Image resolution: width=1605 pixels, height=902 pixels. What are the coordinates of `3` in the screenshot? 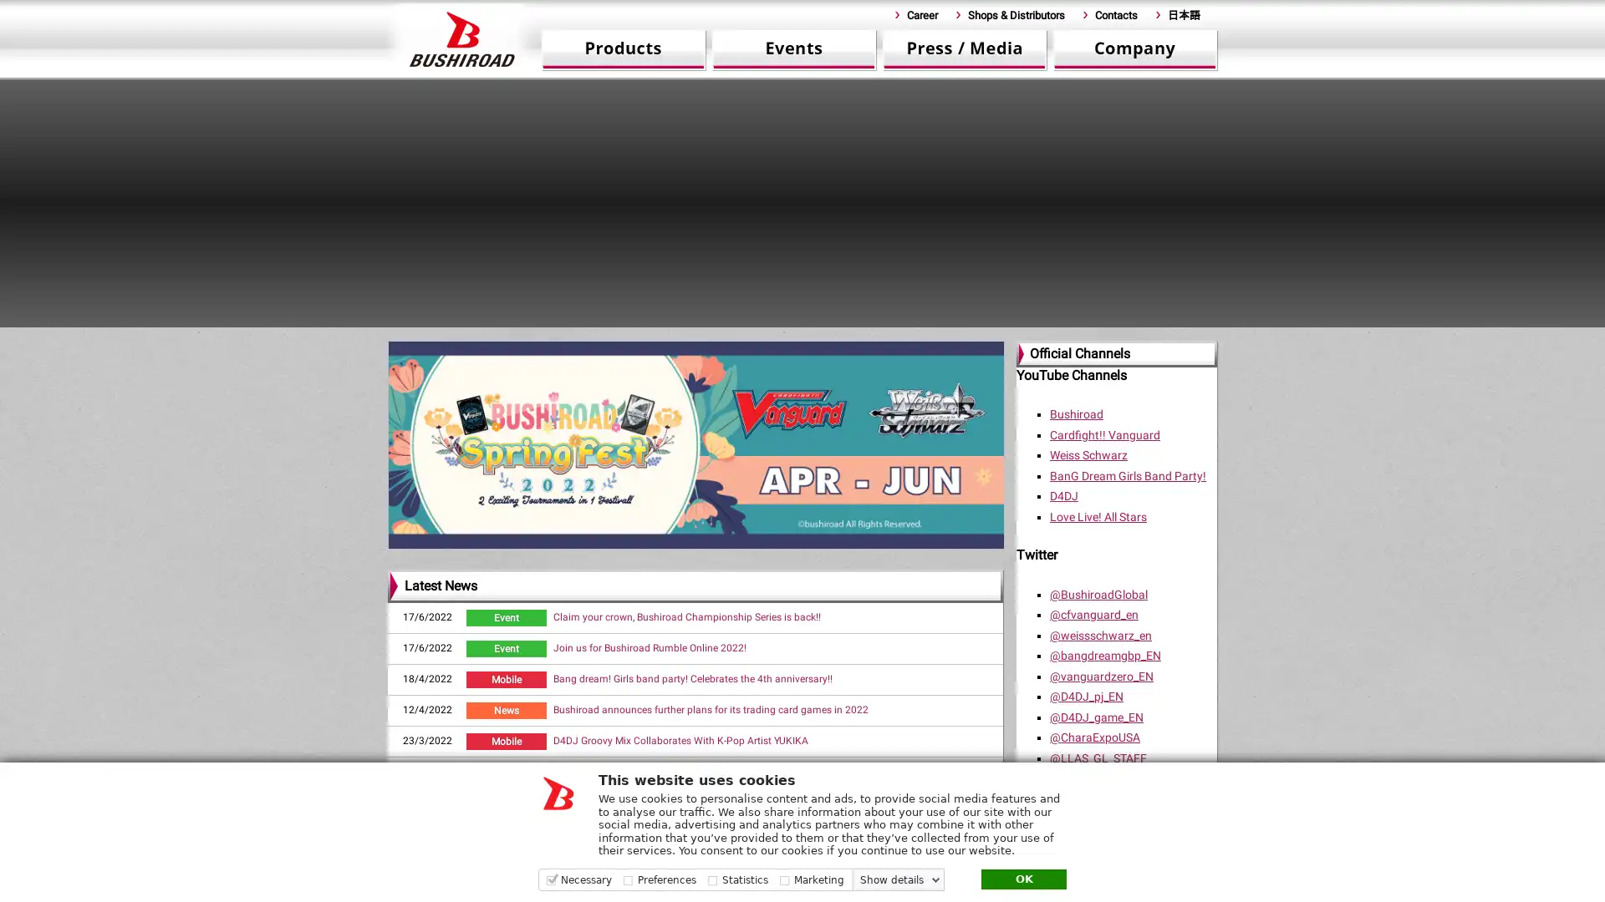 It's located at (664, 321).